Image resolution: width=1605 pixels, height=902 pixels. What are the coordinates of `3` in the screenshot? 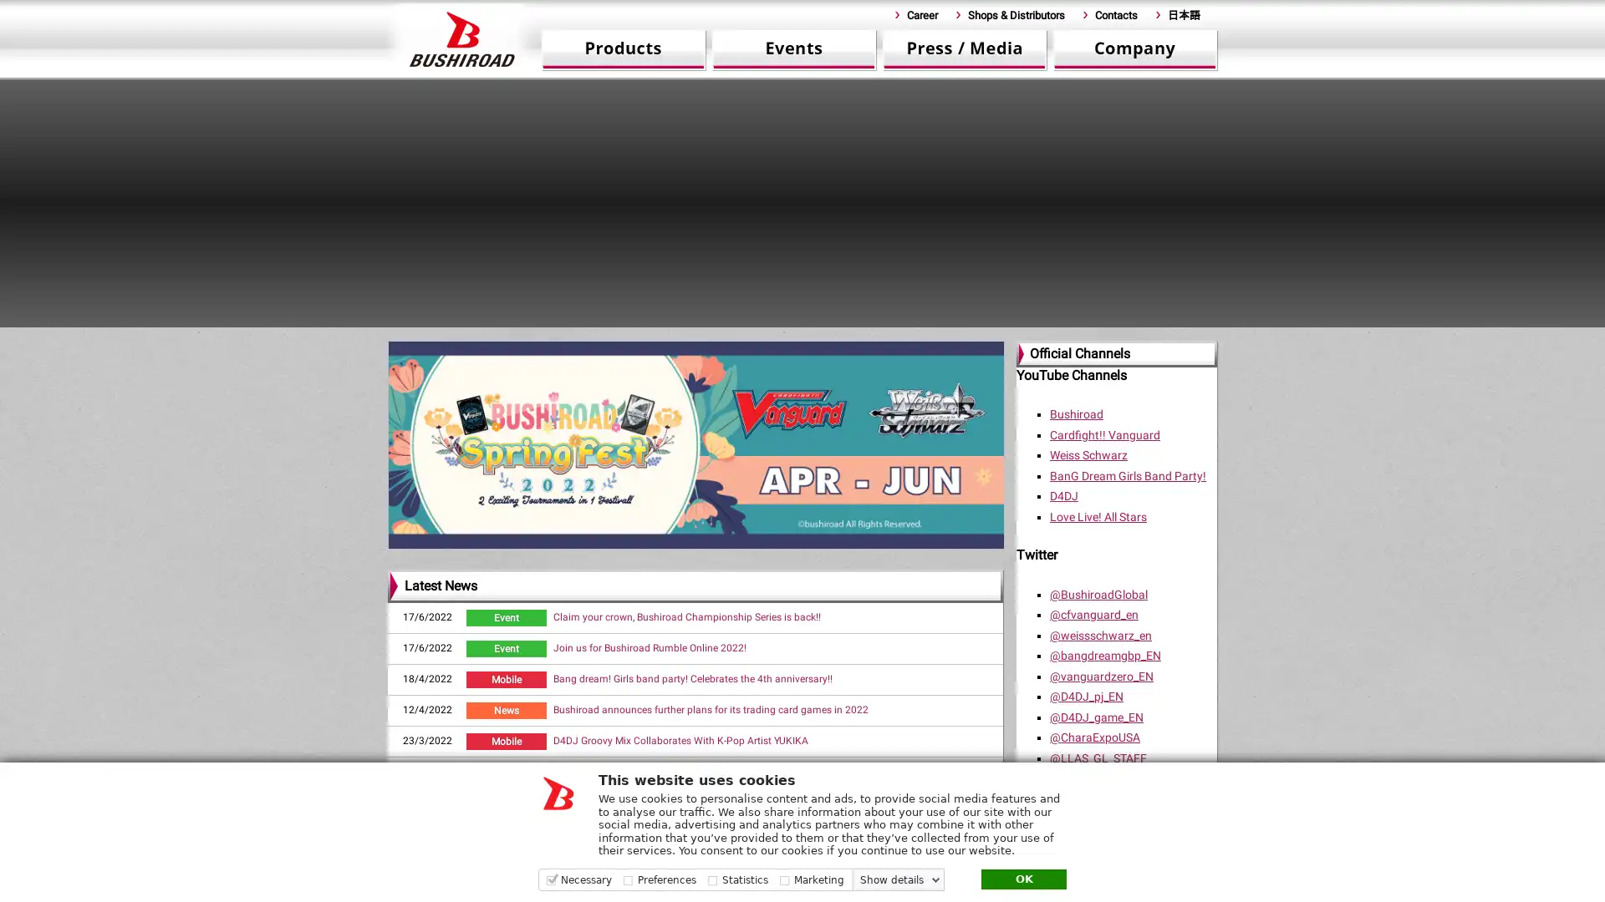 It's located at (664, 321).